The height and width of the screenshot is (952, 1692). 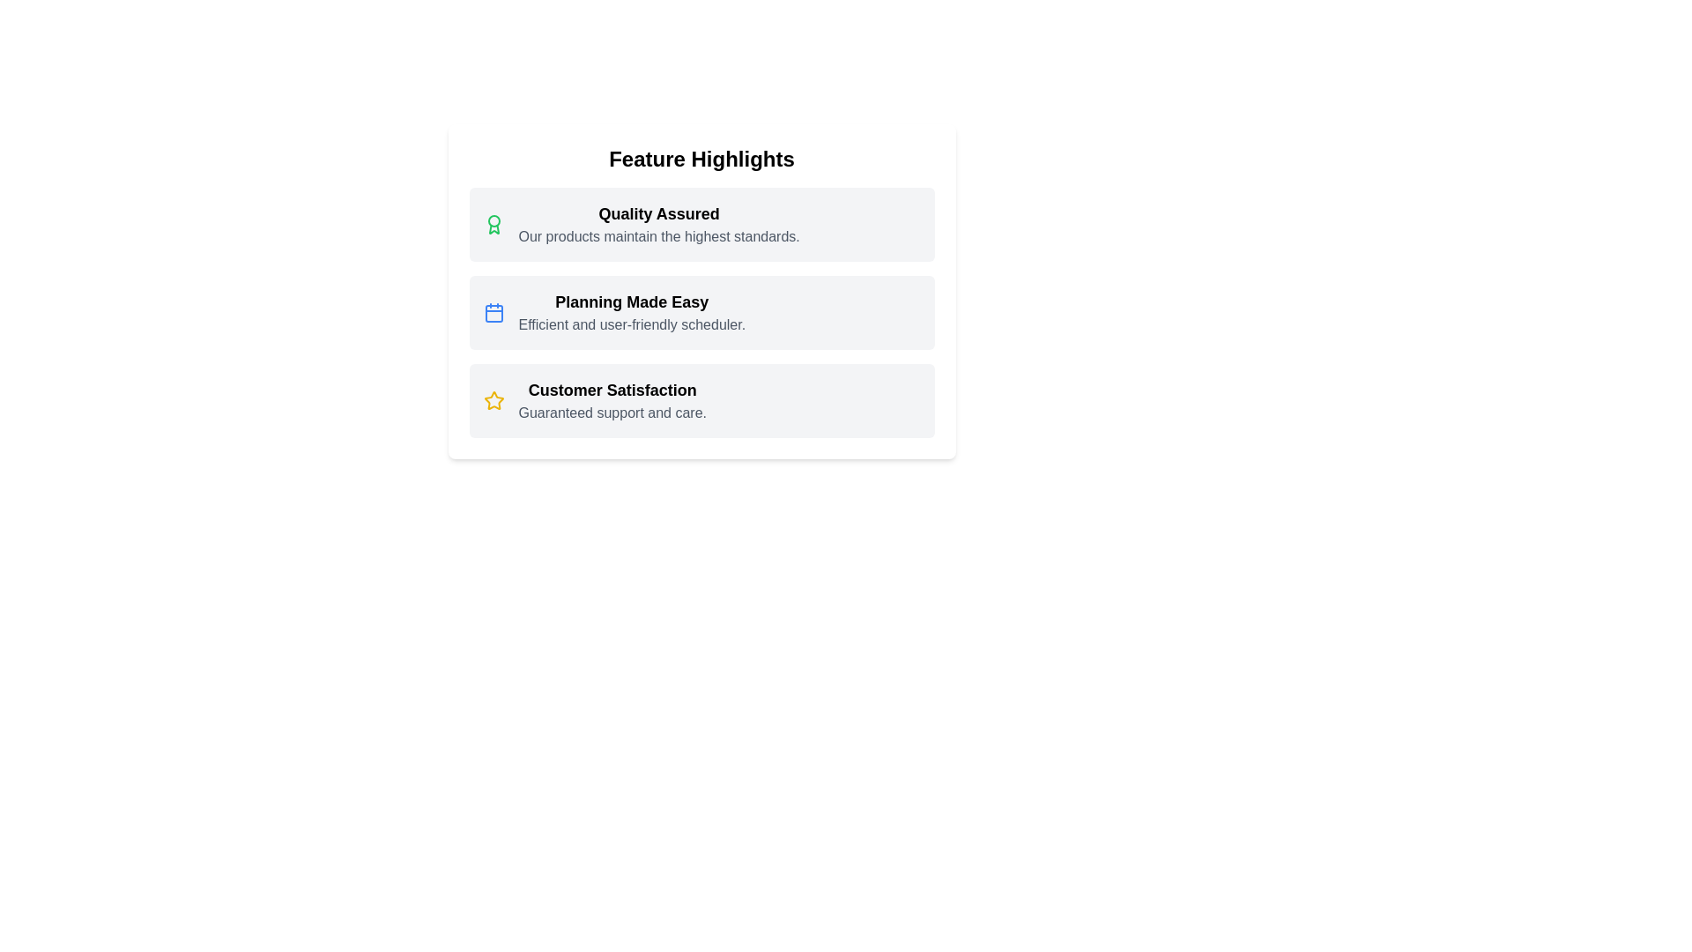 What do you see at coordinates (612, 401) in the screenshot?
I see `the third text block in the vertically aligned stack of feature descriptions, which provides information about customer satisfaction and guaranteed support` at bounding box center [612, 401].